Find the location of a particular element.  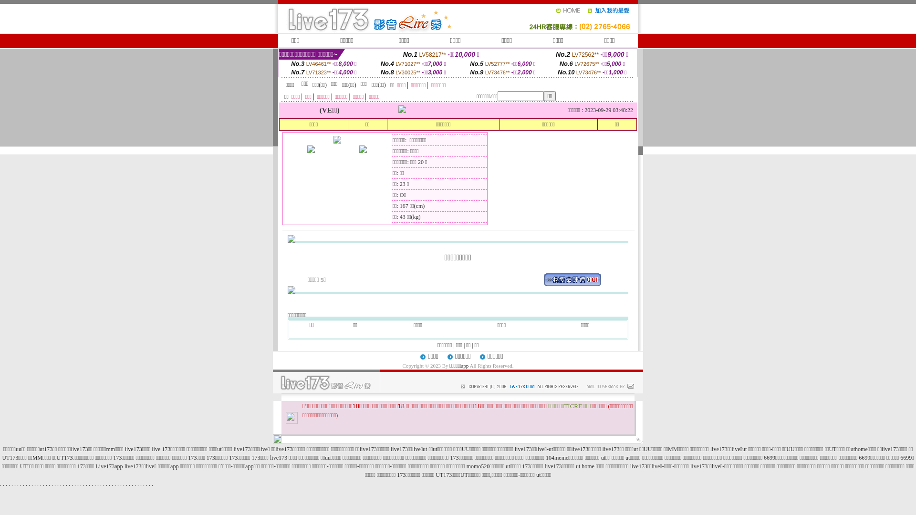

'.' is located at coordinates (12, 484).